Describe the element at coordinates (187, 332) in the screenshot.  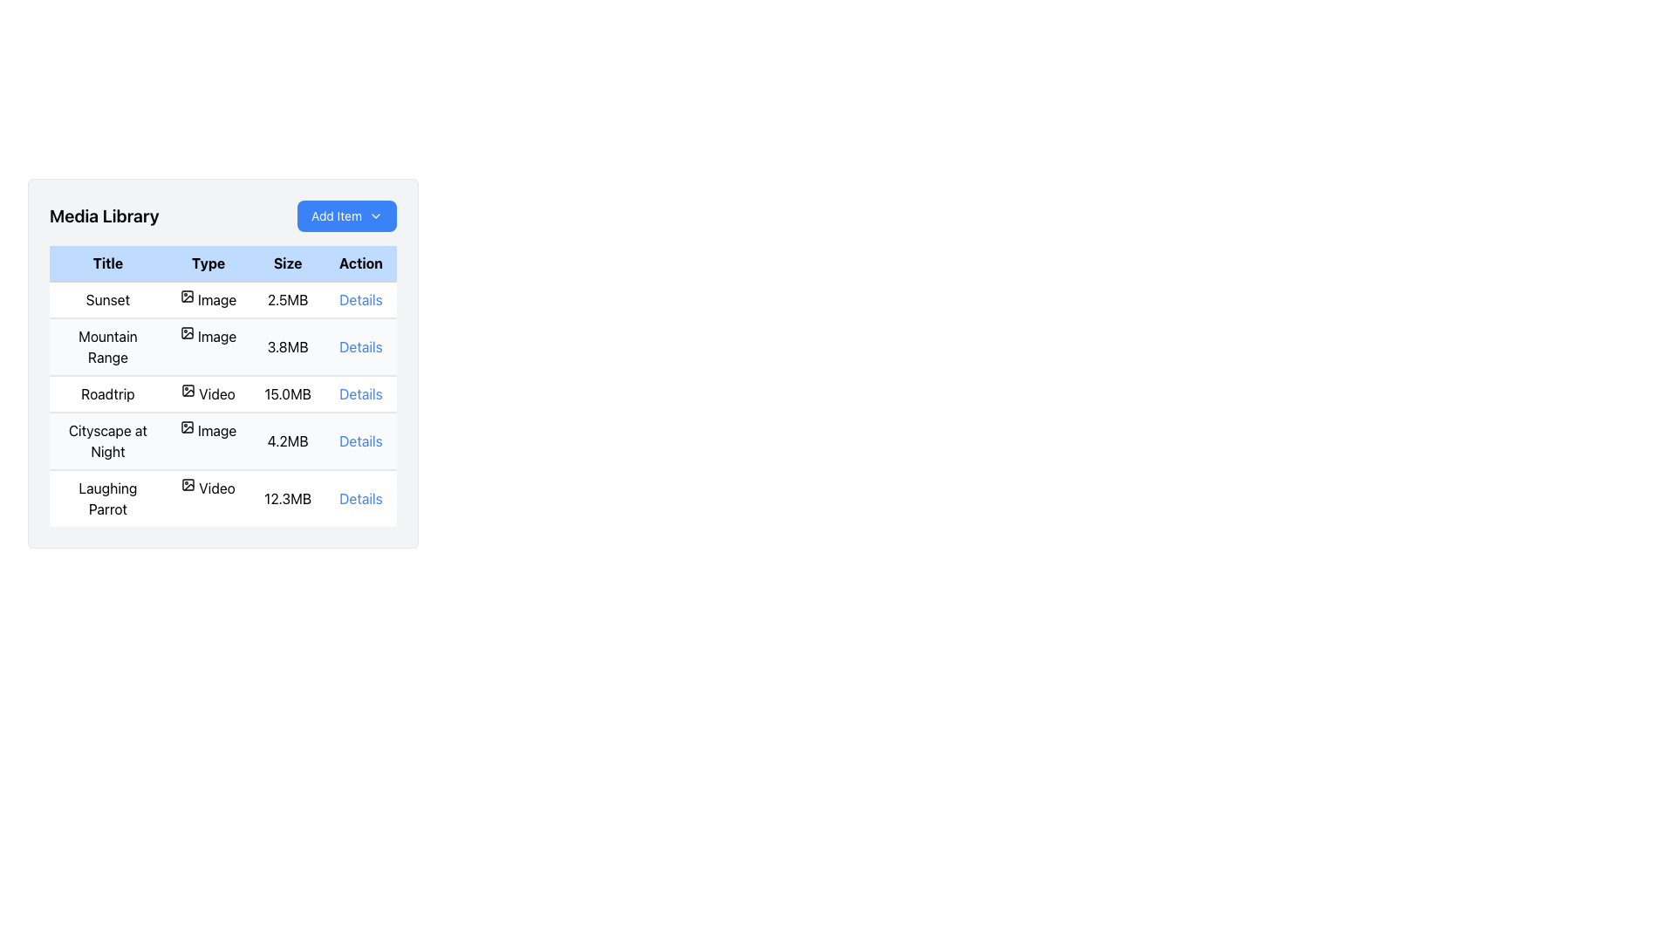
I see `the media icon indicating the type of media for the 'Mountain Range' entry in the table, located under the 'Type' column of the second row` at that location.